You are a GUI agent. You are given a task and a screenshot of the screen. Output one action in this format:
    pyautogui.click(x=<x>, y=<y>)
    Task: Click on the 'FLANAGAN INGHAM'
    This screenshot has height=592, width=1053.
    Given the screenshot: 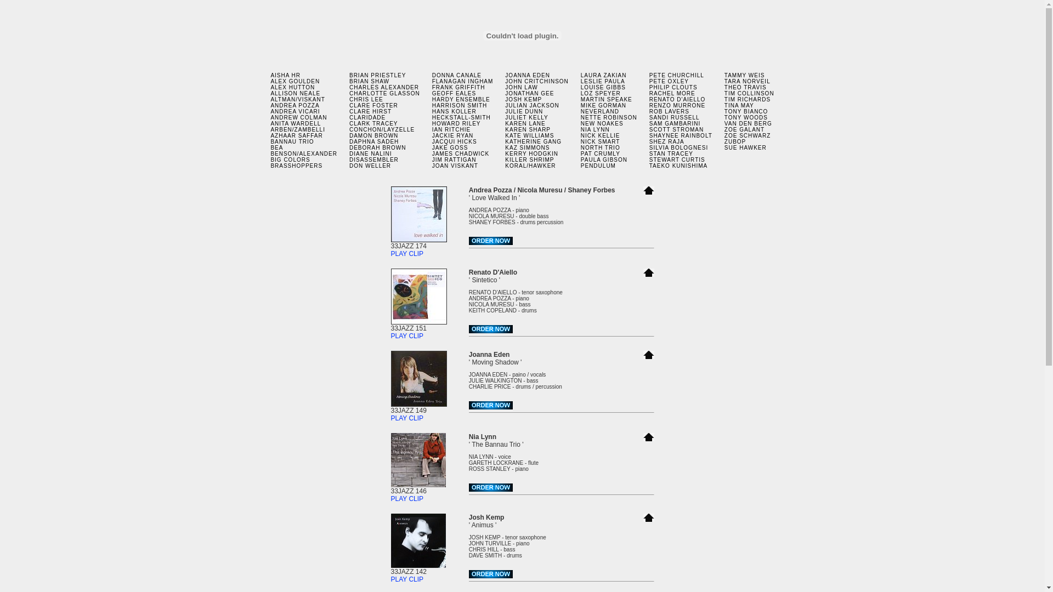 What is the action you would take?
    pyautogui.click(x=431, y=81)
    